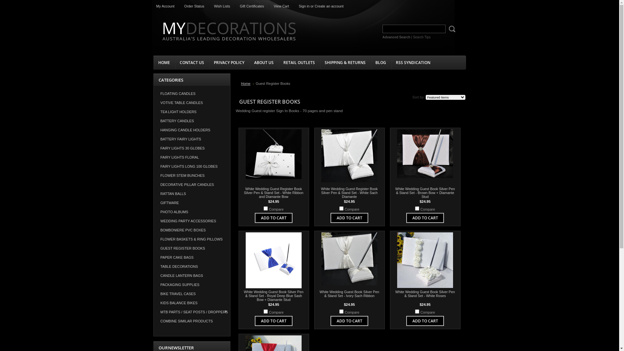 The height and width of the screenshot is (351, 624). I want to click on 'VOTIVE TABLE CANDLES', so click(191, 102).